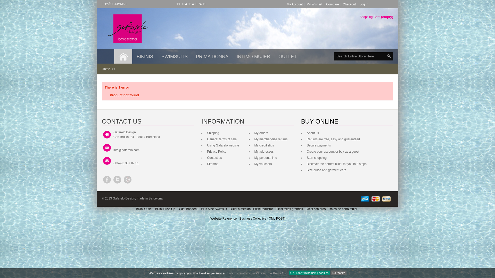  Describe the element at coordinates (389, 56) in the screenshot. I see `'Search'` at that location.